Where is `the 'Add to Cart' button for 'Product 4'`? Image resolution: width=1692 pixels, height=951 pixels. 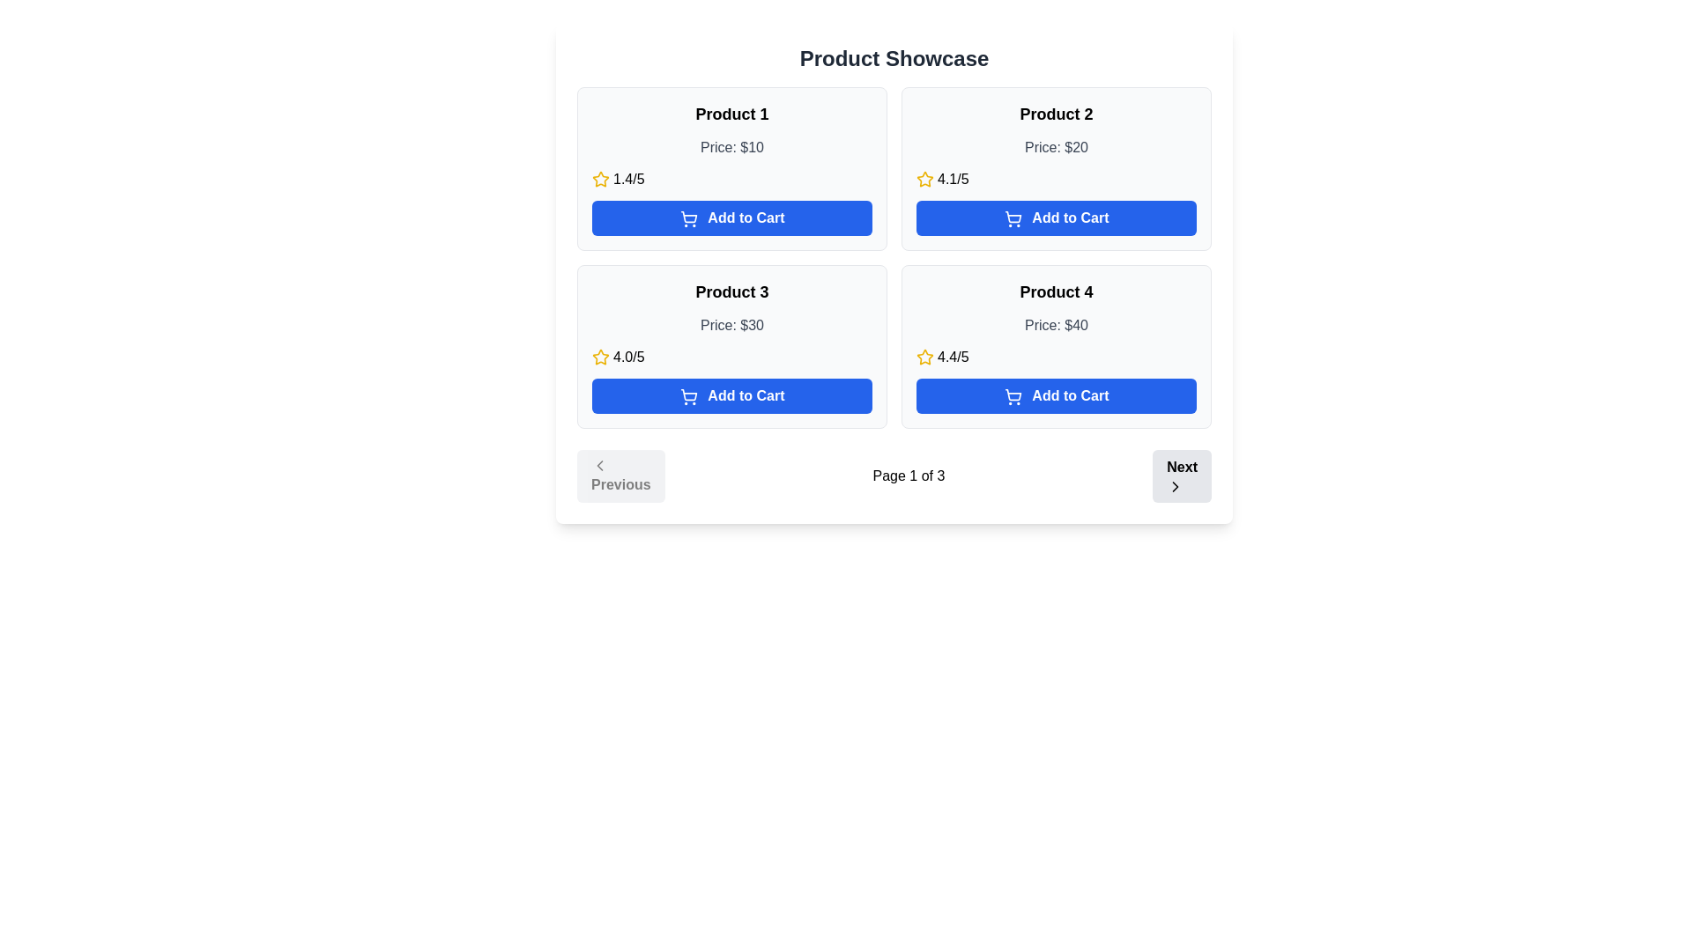
the 'Add to Cart' button for 'Product 4' is located at coordinates (1013, 396).